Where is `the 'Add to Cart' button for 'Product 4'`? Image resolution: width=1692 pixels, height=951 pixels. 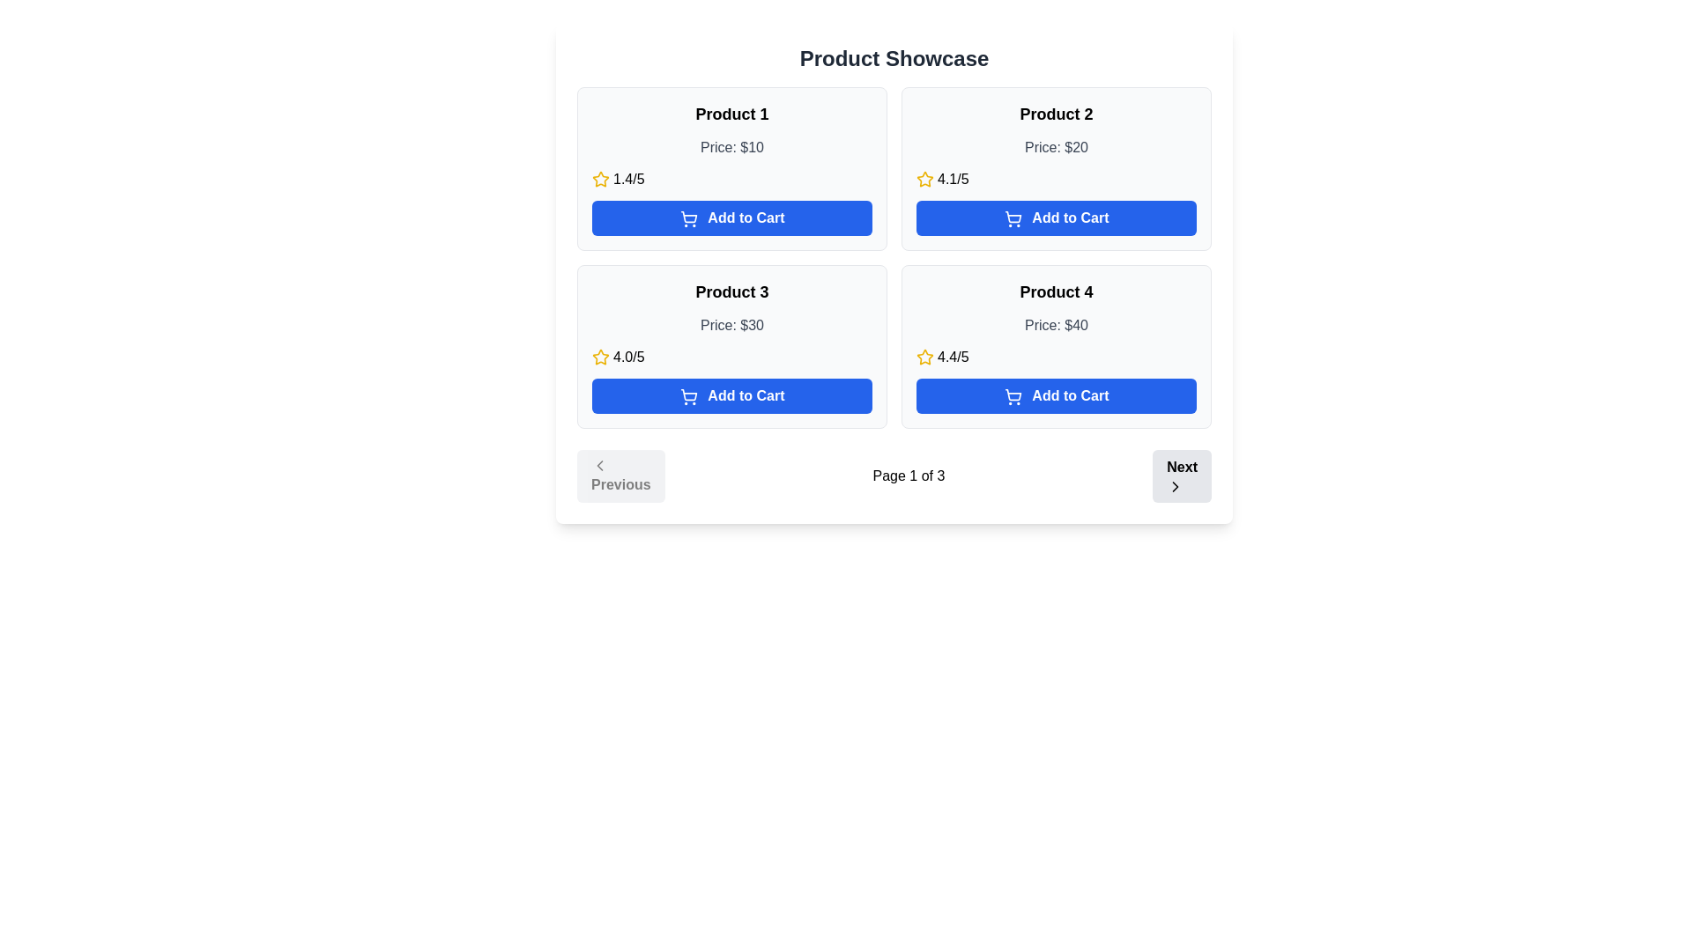
the 'Add to Cart' button for 'Product 4' is located at coordinates (1013, 396).